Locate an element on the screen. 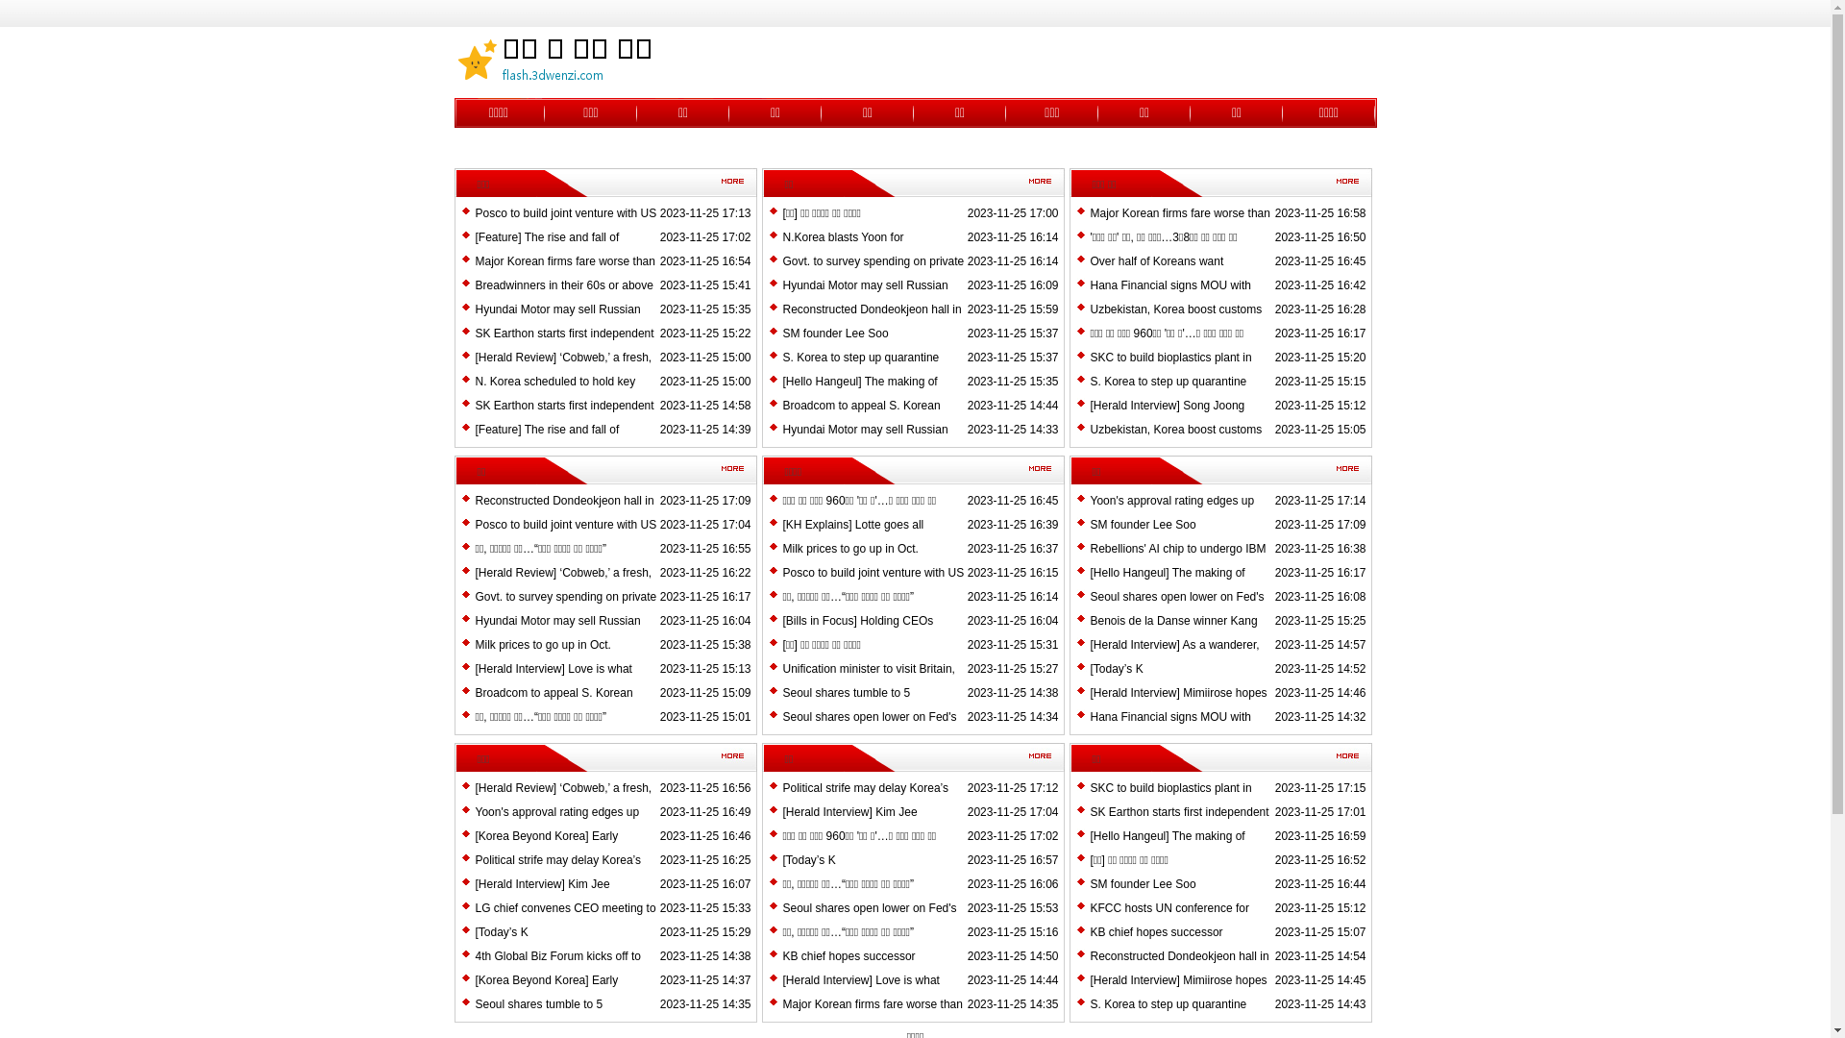 The image size is (1845, 1038). 'LG chief convenes CEO meeting to review growth strategy' is located at coordinates (564, 918).